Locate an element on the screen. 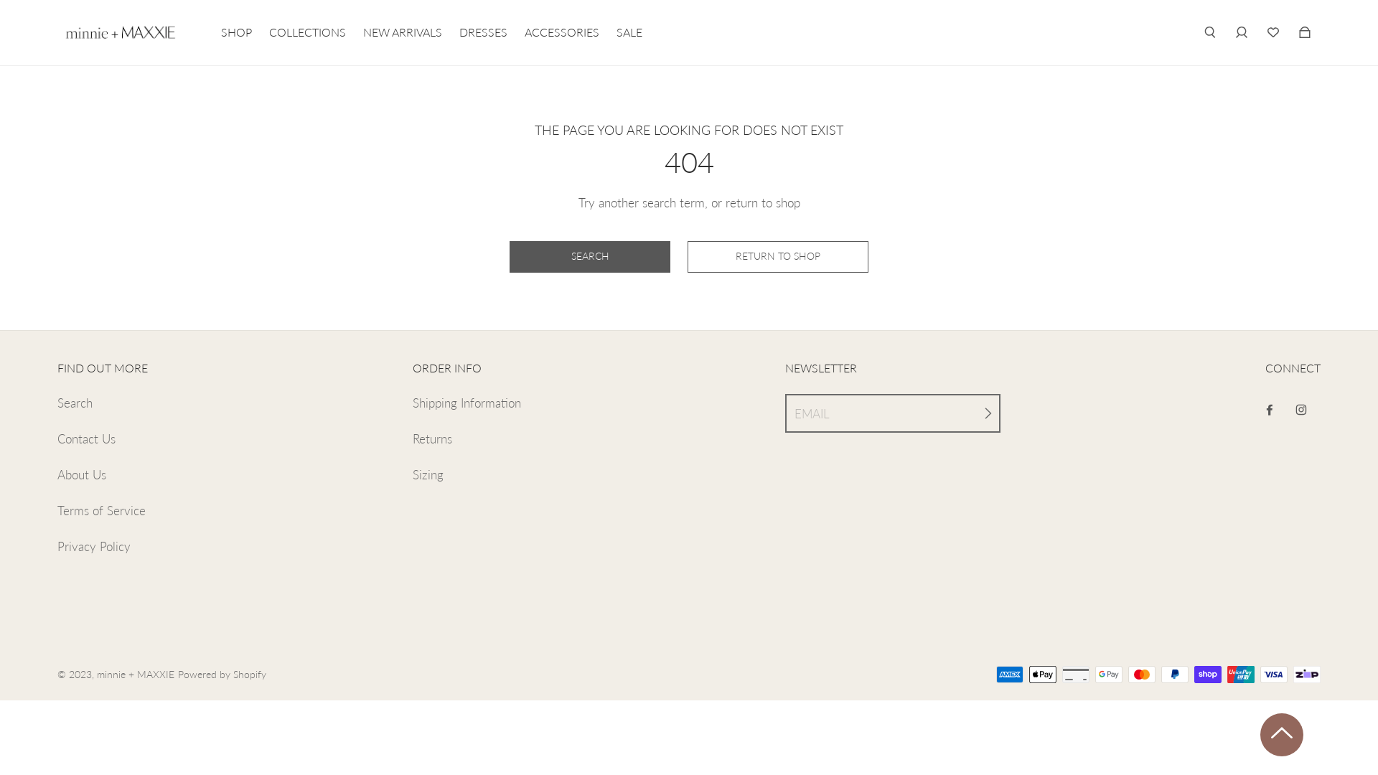 Image resolution: width=1378 pixels, height=775 pixels. 'Shipping Information' is located at coordinates (467, 403).